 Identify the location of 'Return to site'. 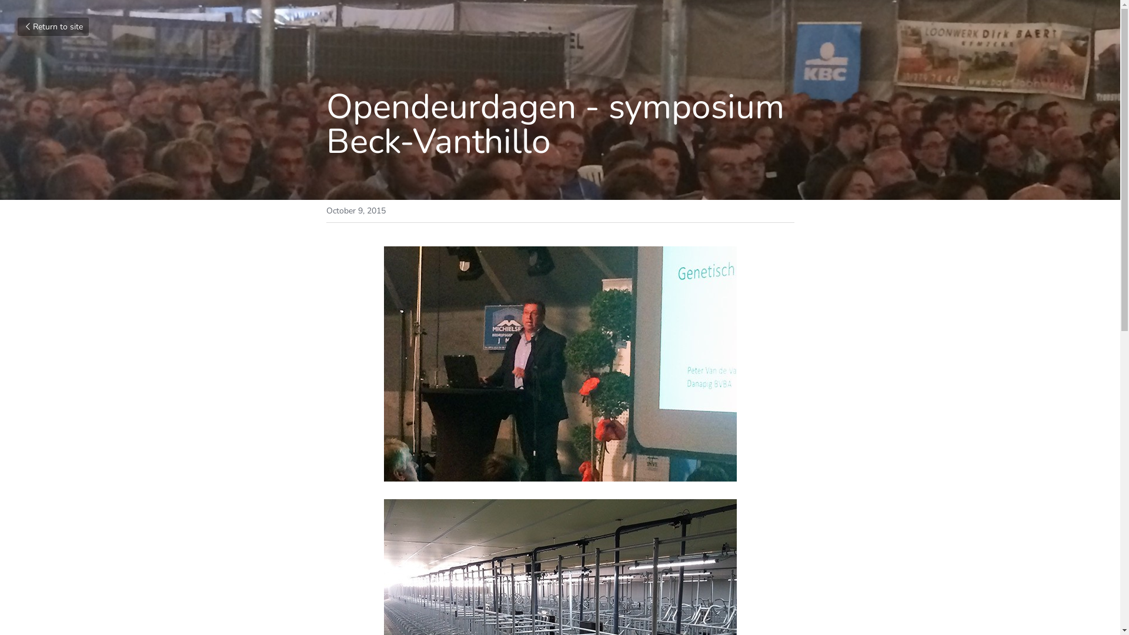
(17, 26).